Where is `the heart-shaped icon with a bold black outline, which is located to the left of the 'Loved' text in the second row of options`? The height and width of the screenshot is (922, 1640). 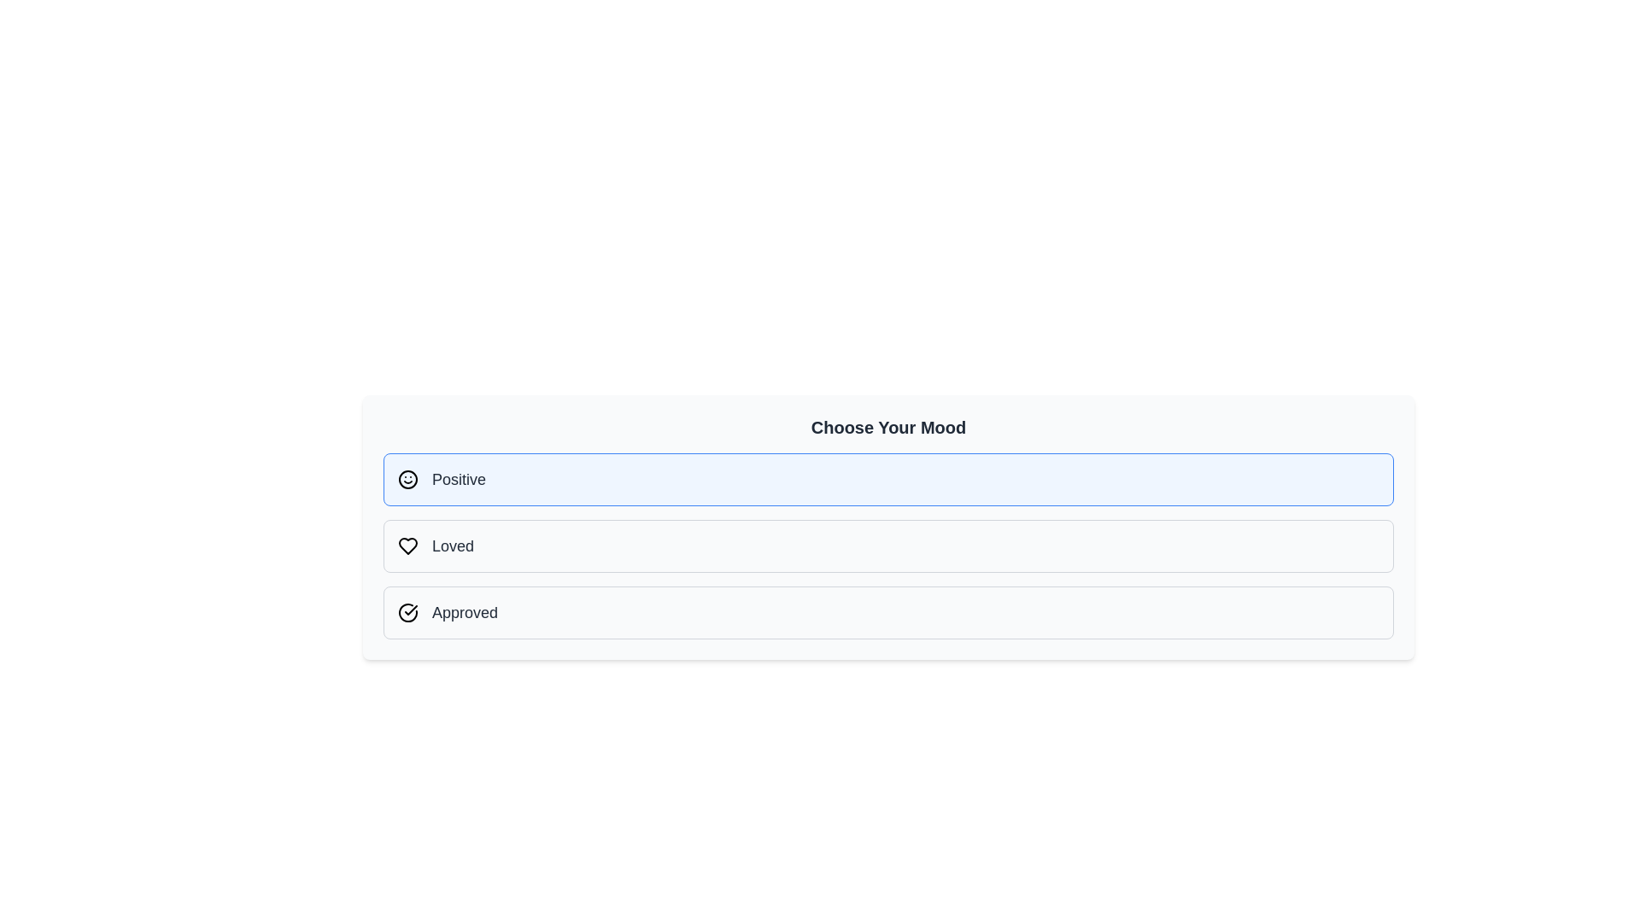 the heart-shaped icon with a bold black outline, which is located to the left of the 'Loved' text in the second row of options is located at coordinates (407, 546).